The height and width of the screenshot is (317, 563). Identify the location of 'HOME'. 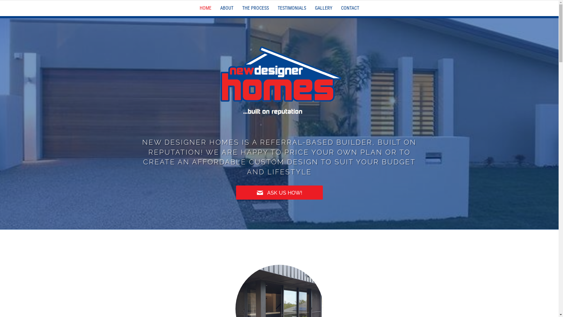
(205, 8).